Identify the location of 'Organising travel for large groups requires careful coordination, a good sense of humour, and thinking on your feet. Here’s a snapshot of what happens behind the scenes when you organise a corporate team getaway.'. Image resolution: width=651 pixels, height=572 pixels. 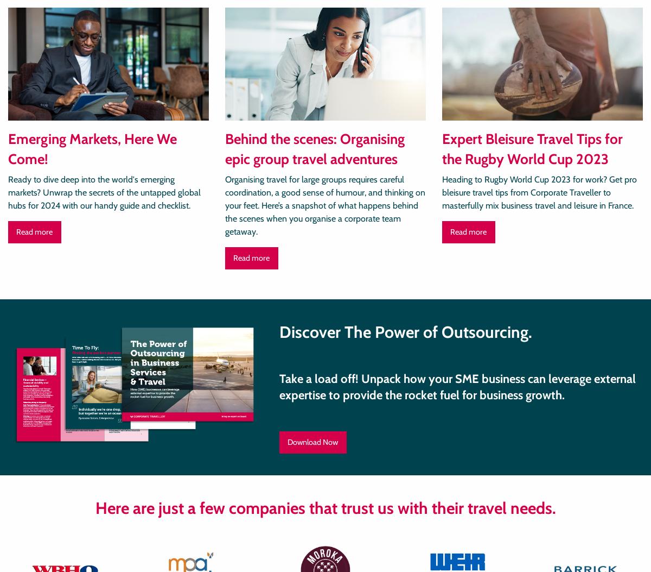
(324, 205).